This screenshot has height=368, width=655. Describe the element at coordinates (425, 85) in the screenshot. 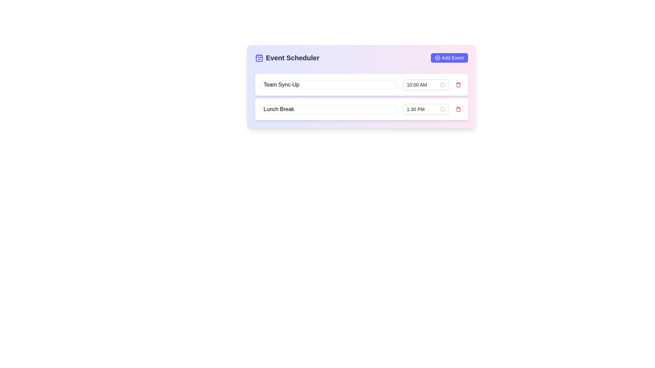

I see `the Time input field with picker functionality located to the right of the 'Team Sync-Up' text input field` at that location.